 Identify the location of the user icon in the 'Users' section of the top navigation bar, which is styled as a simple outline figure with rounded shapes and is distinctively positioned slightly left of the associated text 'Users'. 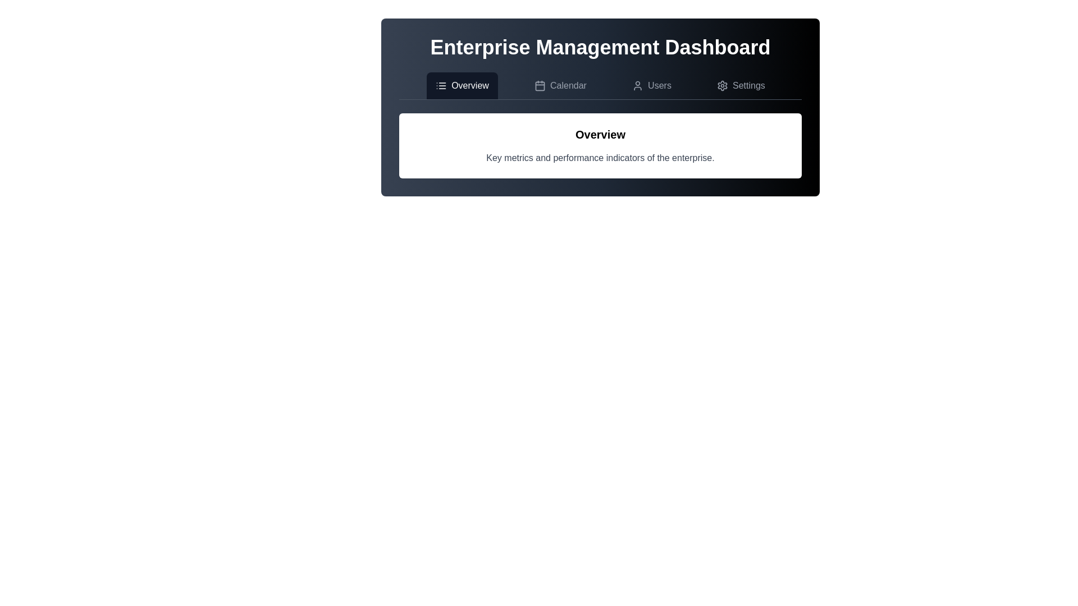
(638, 85).